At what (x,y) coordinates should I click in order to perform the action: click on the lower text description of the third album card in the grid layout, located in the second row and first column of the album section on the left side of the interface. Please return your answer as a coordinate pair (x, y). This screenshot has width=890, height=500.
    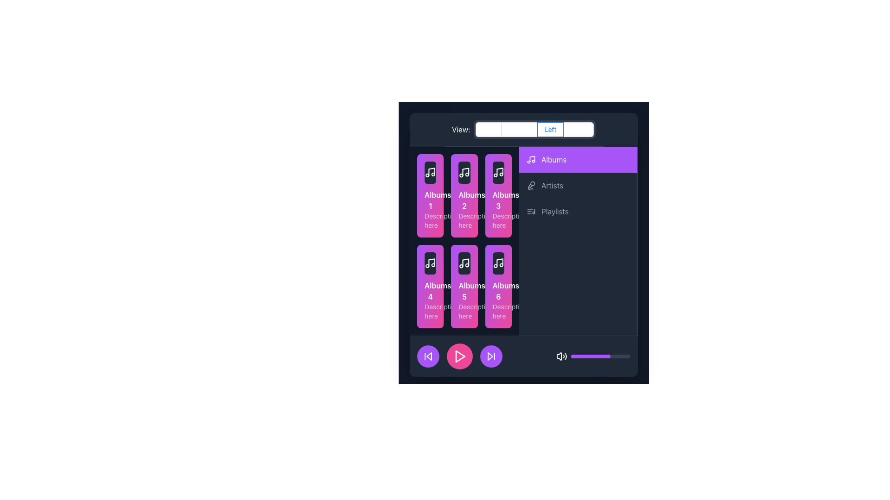
    Looking at the image, I should click on (498, 221).